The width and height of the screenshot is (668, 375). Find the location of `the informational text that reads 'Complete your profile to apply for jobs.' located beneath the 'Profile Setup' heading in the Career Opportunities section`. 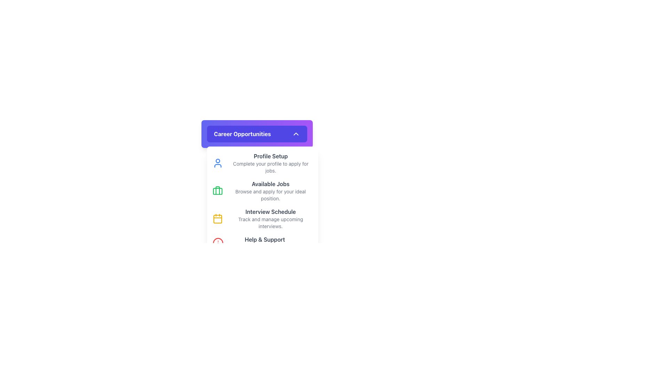

the informational text that reads 'Complete your profile to apply for jobs.' located beneath the 'Profile Setup' heading in the Career Opportunities section is located at coordinates (270, 167).